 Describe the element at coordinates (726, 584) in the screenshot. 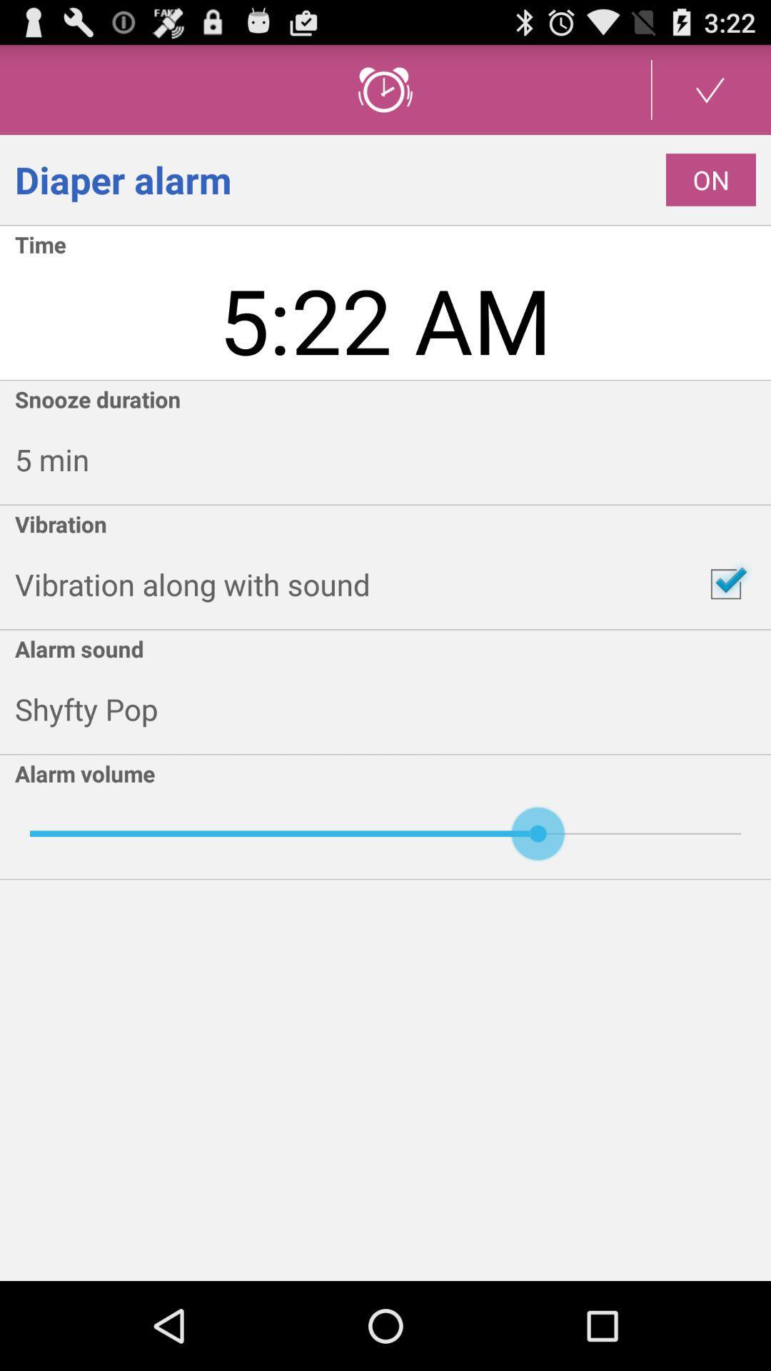

I see `icon on the right` at that location.